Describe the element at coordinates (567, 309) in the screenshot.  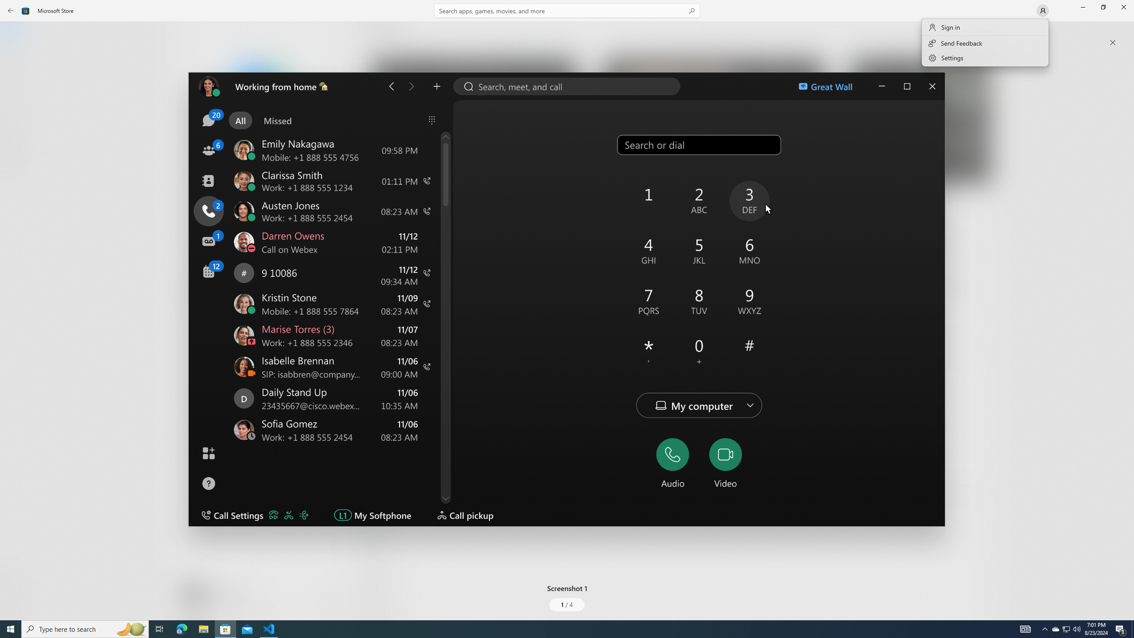
I see `'AutomationID: NavigationControl'` at that location.